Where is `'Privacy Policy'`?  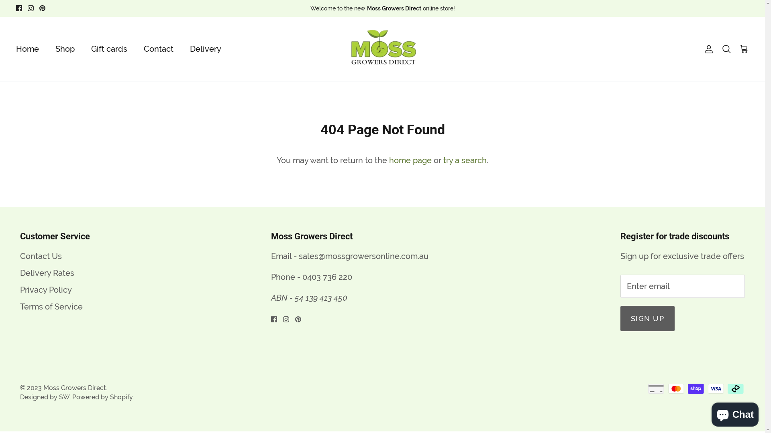
'Privacy Policy' is located at coordinates (45, 289).